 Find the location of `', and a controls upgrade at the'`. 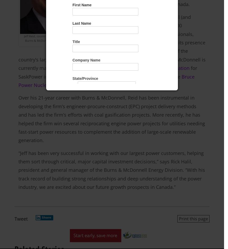

', and a controls upgrade at the' is located at coordinates (146, 76).